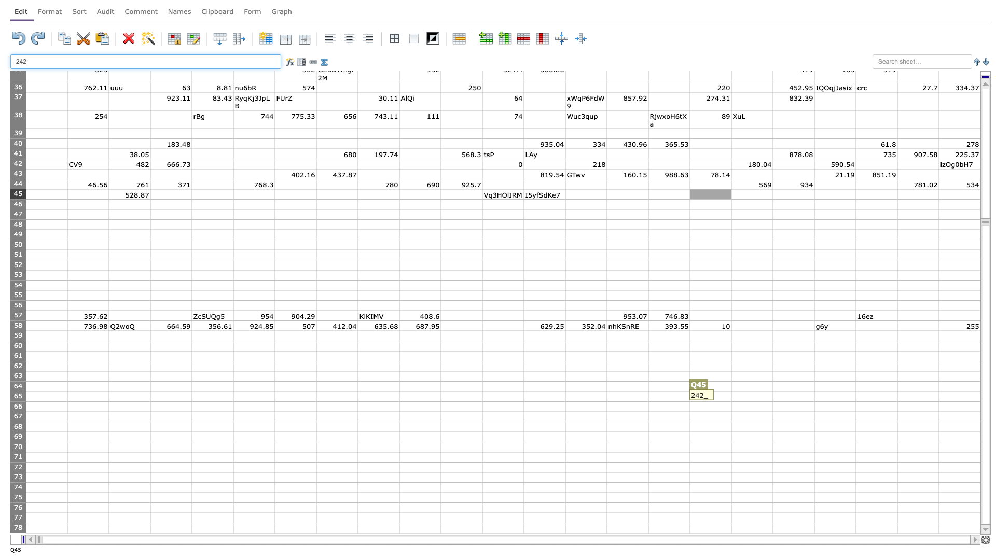  What do you see at coordinates (772, 401) in the screenshot?
I see `Lower right corner of cell R65` at bounding box center [772, 401].